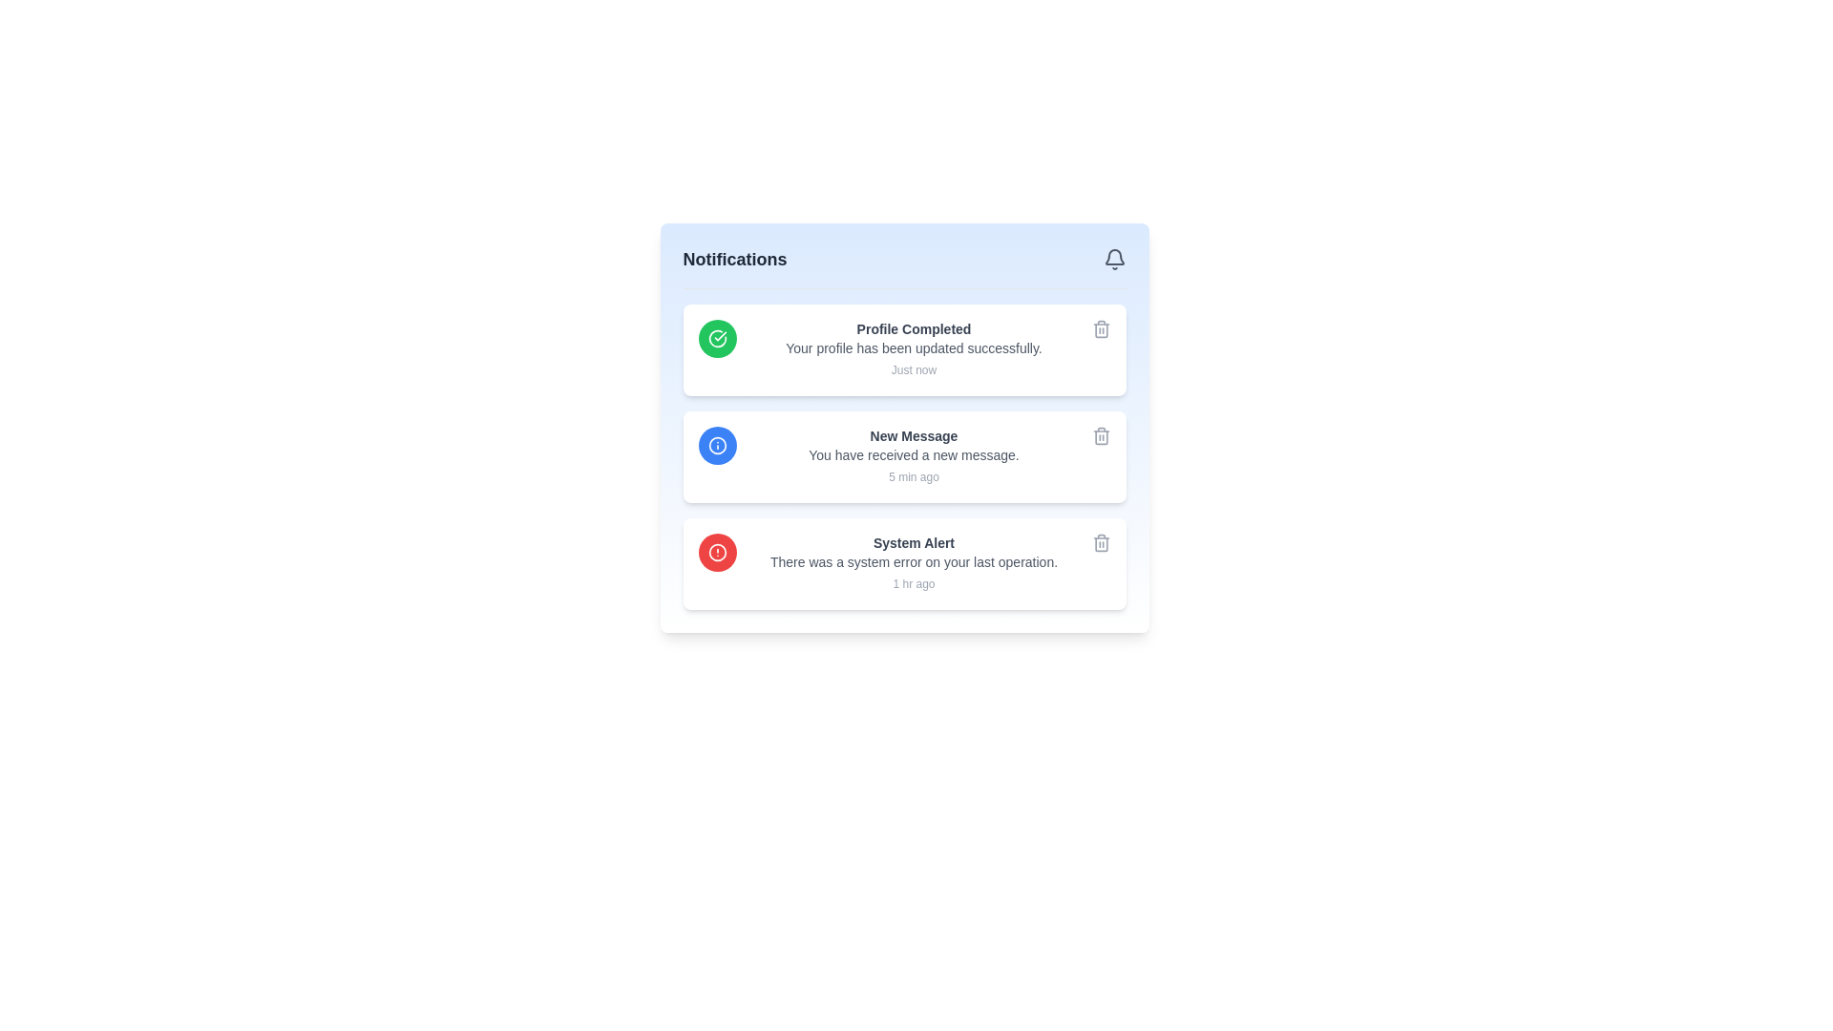  What do you see at coordinates (716, 552) in the screenshot?
I see `the circular icon with a red background and white alert symbol, located to the left of the 'System Alert' text in the third notification box` at bounding box center [716, 552].